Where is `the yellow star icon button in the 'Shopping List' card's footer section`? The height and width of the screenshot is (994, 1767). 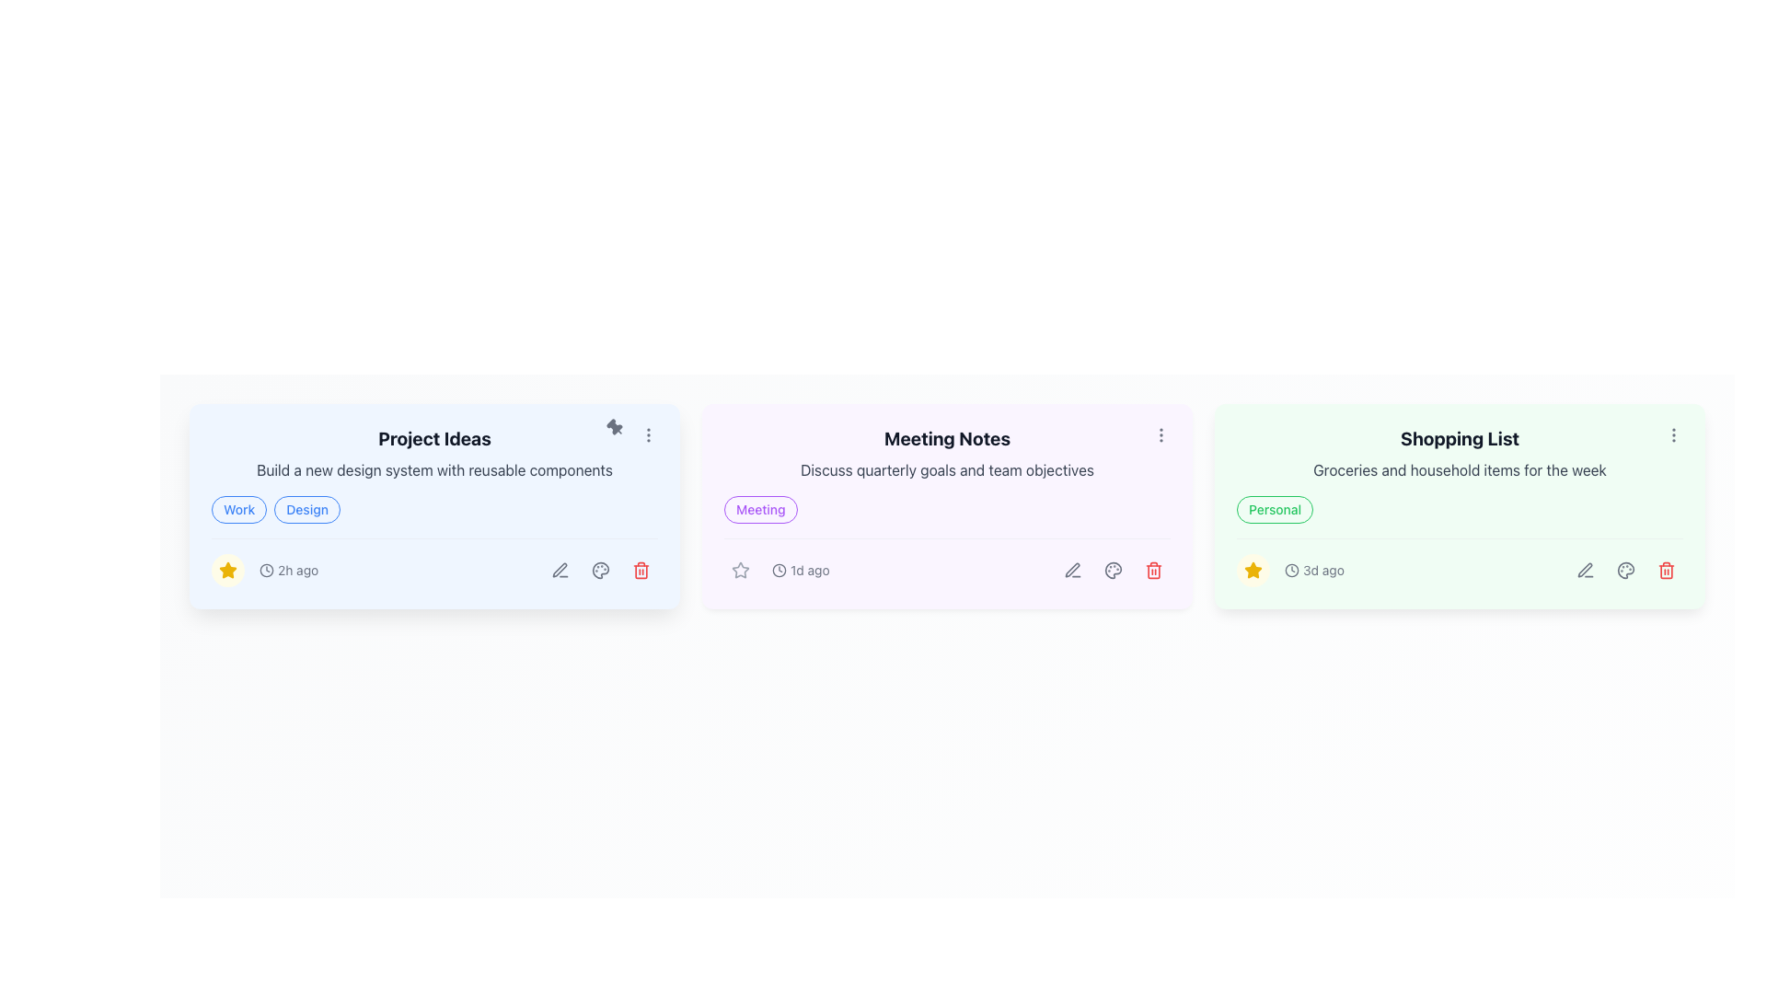 the yellow star icon button in the 'Shopping List' card's footer section is located at coordinates (1253, 570).